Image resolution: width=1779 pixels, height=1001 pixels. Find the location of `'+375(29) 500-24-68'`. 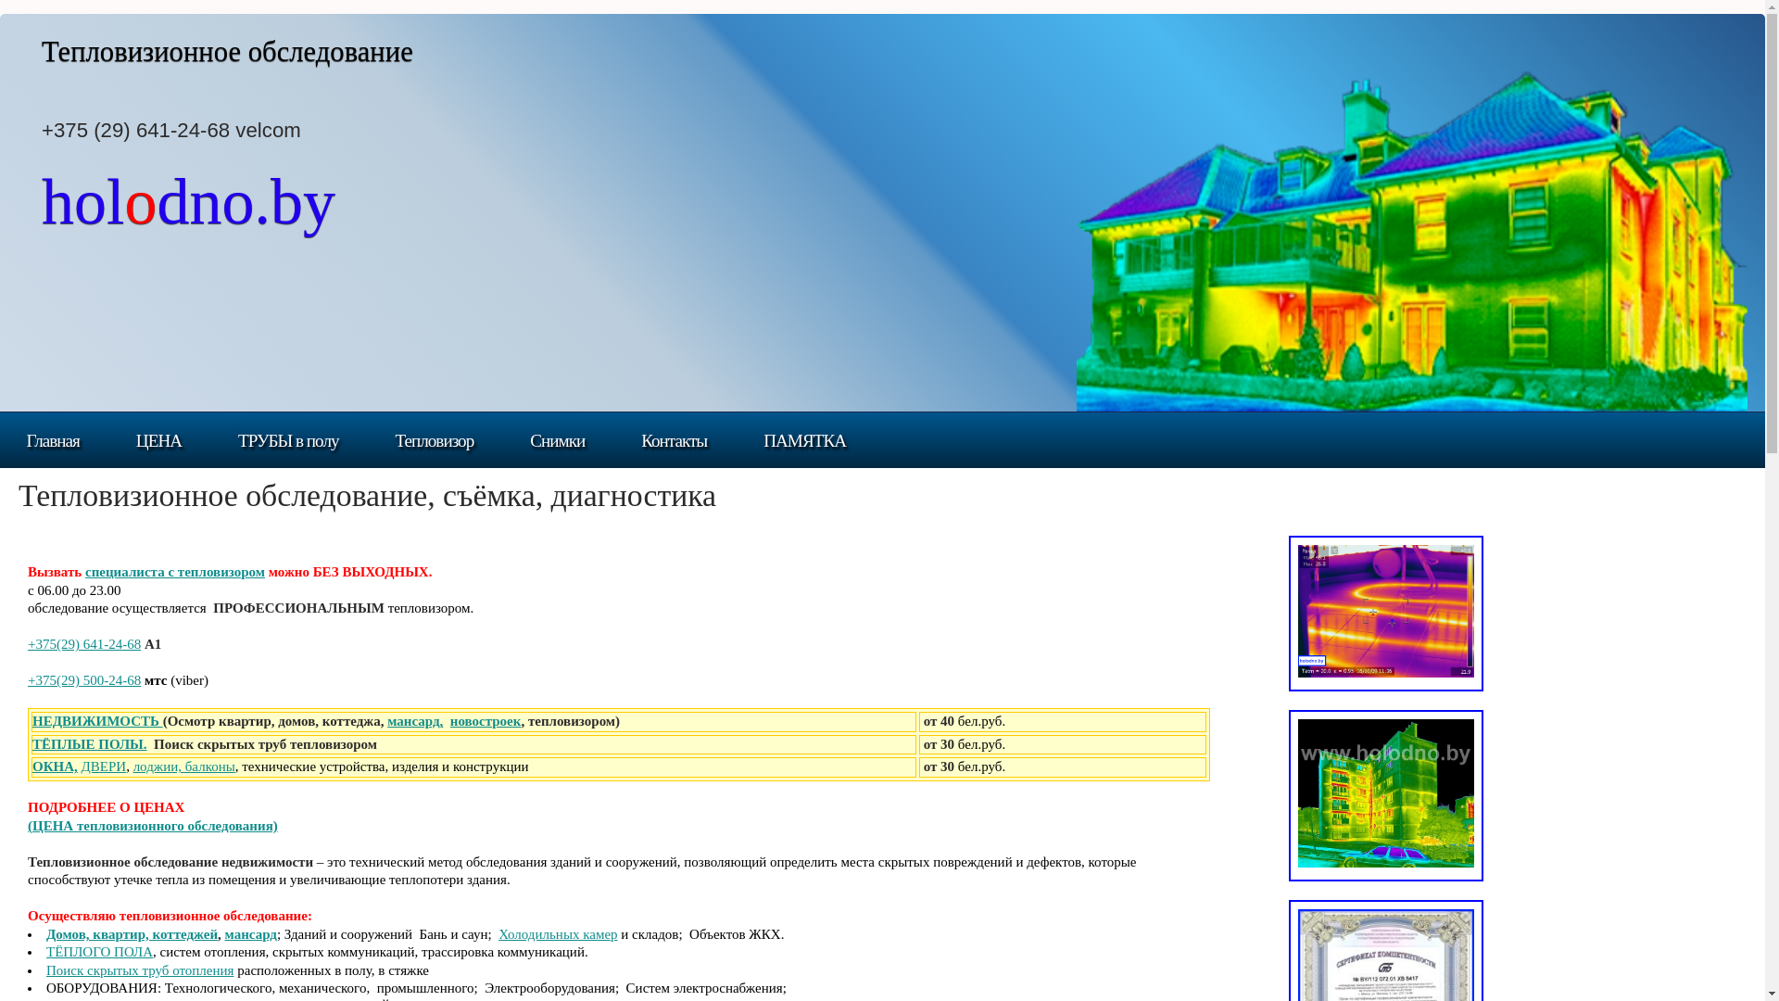

'+375(29) 500-24-68' is located at coordinates (83, 679).